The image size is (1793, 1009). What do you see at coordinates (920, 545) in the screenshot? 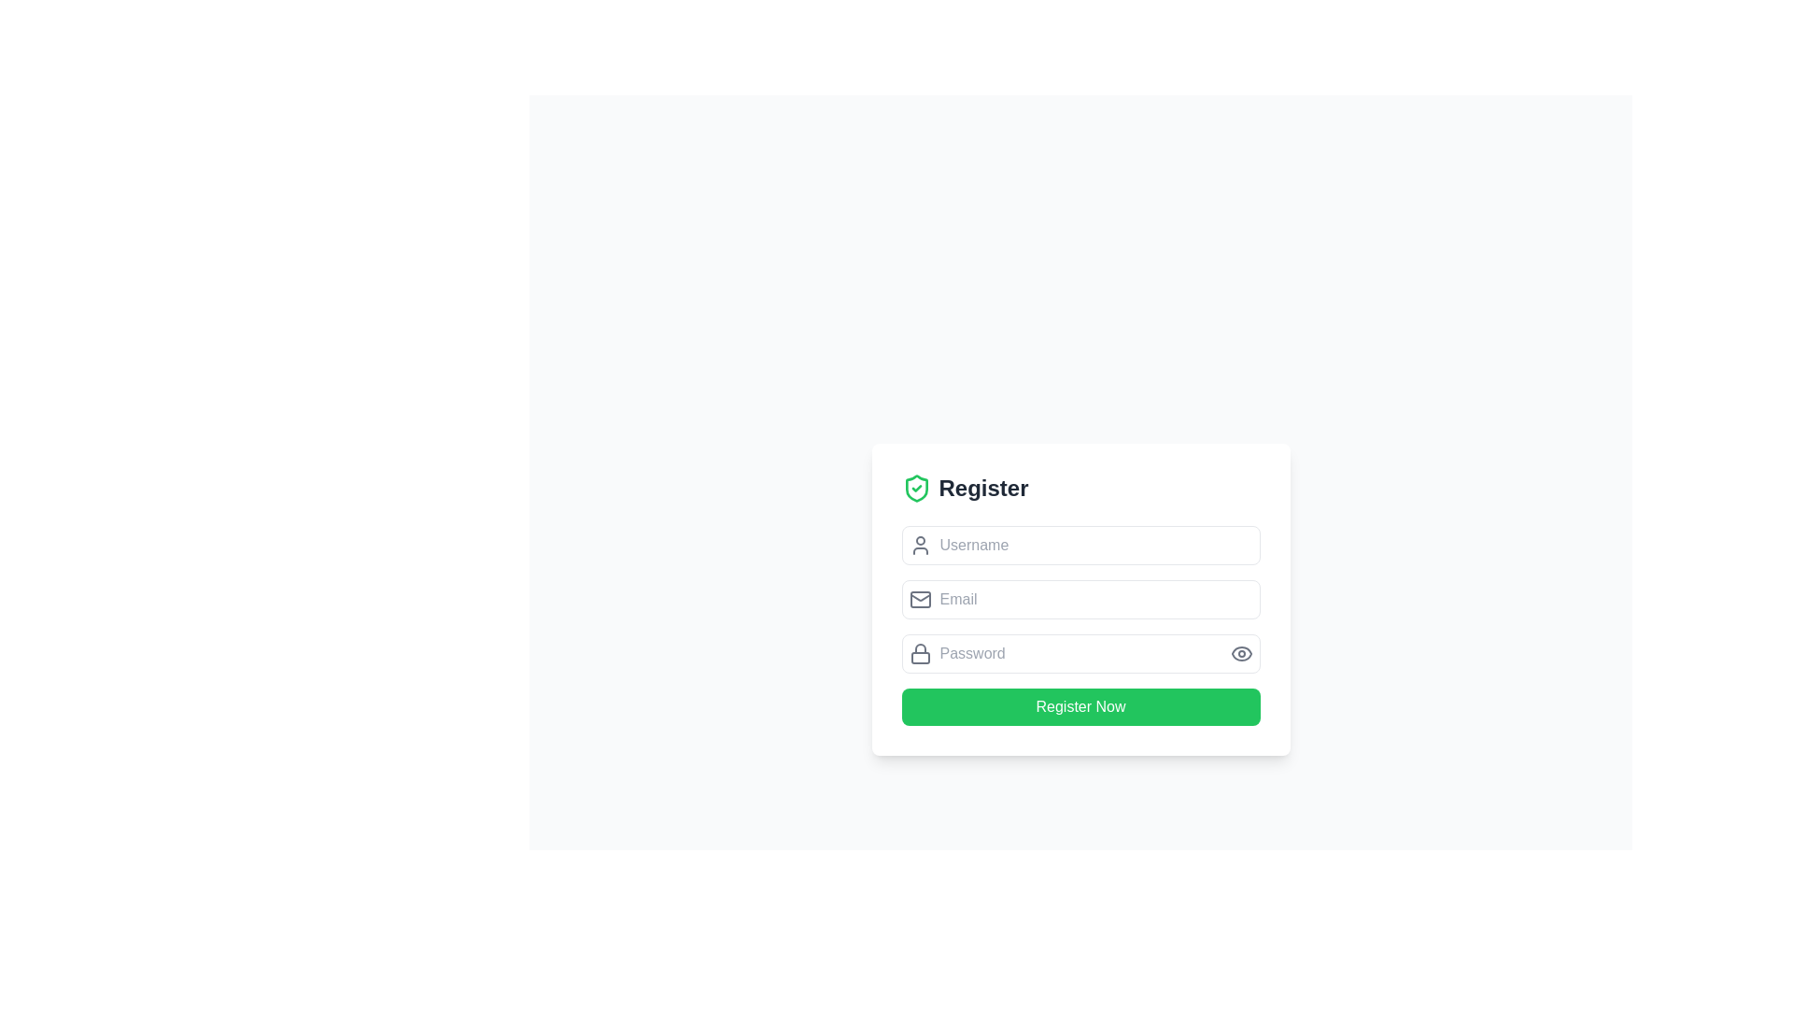
I see `the visual indicator icon for the username field located on the left side of the input field in the registration form` at bounding box center [920, 545].